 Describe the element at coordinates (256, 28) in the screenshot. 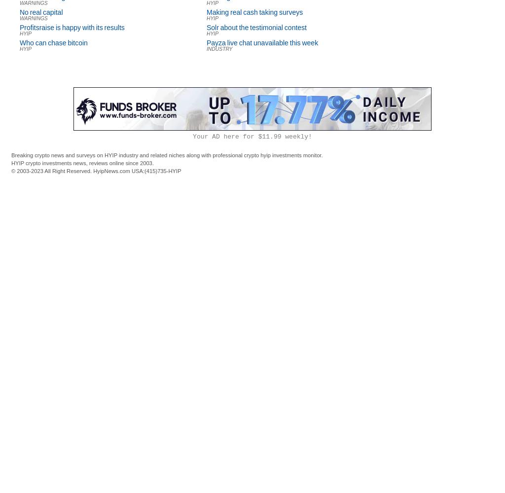

I see `'Solr about the testimonial contest'` at that location.